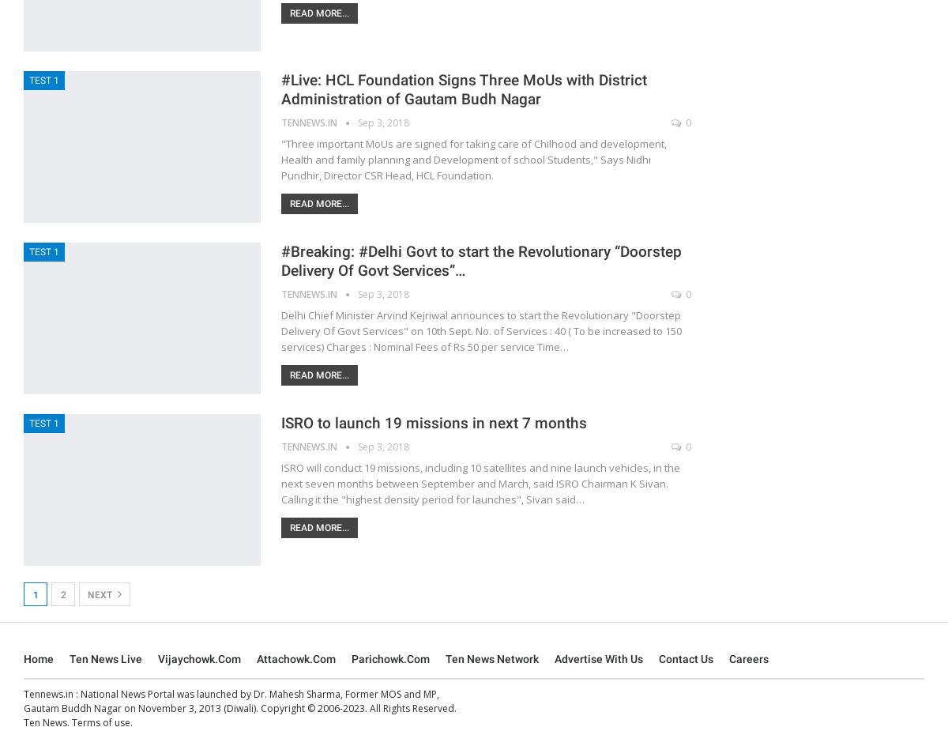  Describe the element at coordinates (555, 657) in the screenshot. I see `'Advertise with us'` at that location.